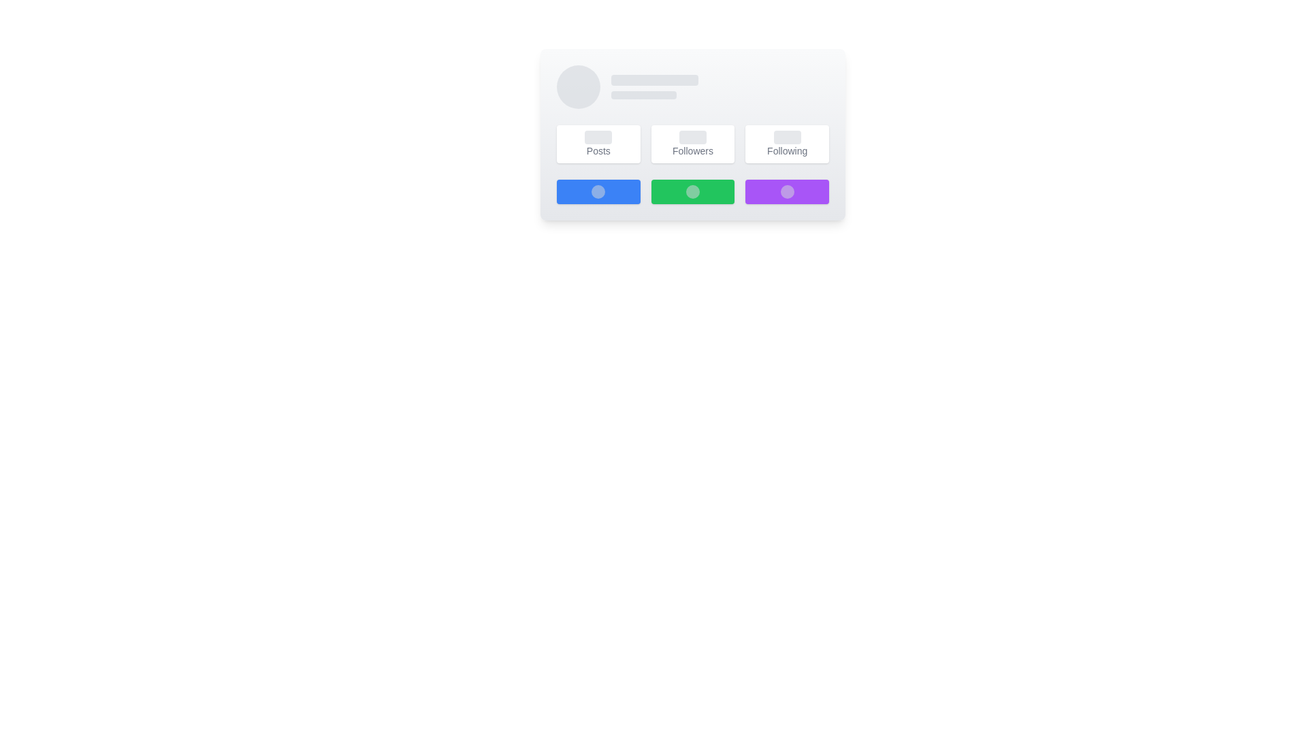 Image resolution: width=1307 pixels, height=735 pixels. Describe the element at coordinates (787, 191) in the screenshot. I see `the visual indicator within the purple button located at the bottom-right of a row of three buttons` at that location.